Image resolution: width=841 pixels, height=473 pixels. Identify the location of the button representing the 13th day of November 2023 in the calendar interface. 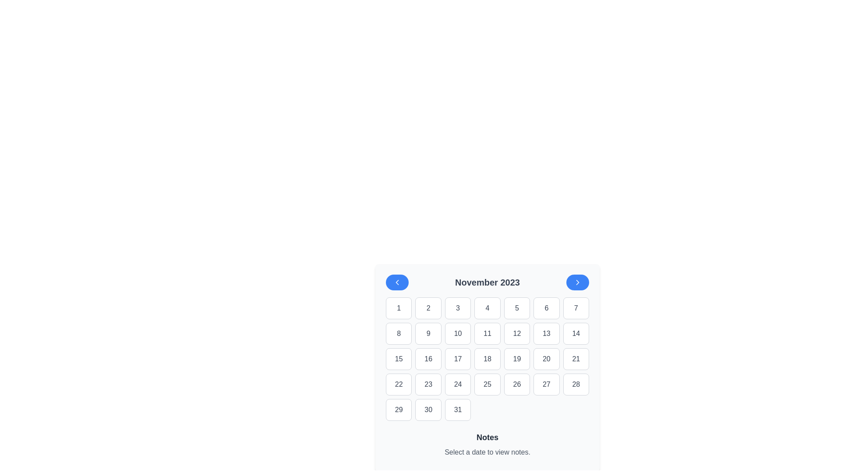
(546, 334).